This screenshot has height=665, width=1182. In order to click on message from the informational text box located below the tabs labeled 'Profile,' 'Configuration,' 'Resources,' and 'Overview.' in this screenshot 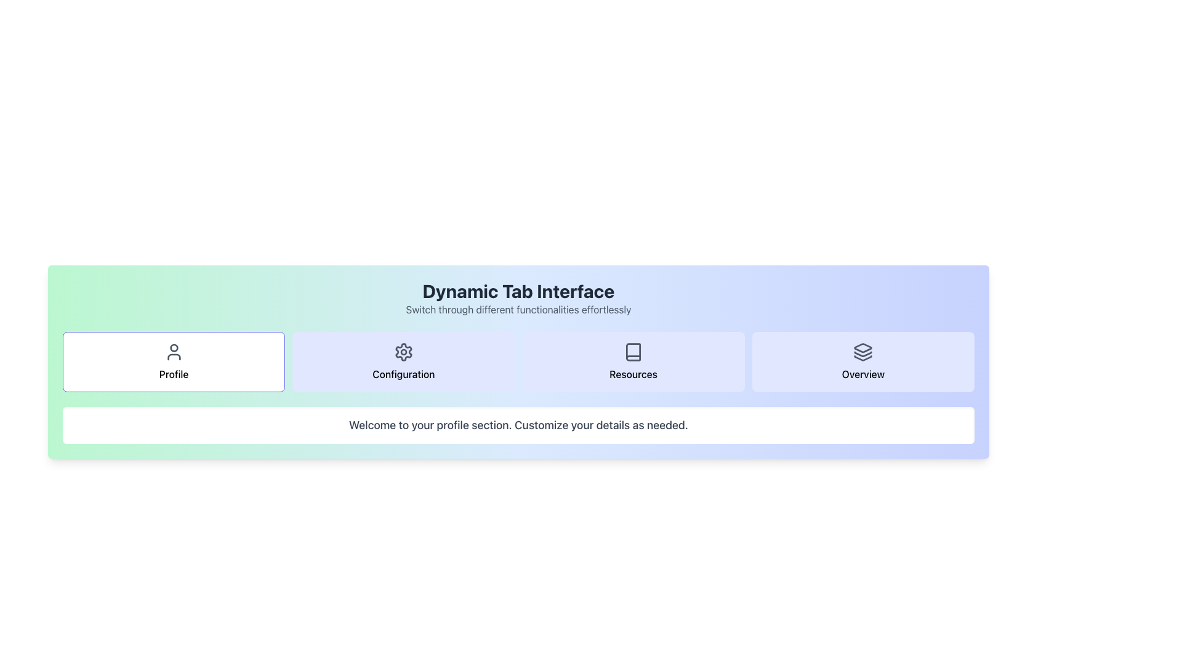, I will do `click(518, 424)`.